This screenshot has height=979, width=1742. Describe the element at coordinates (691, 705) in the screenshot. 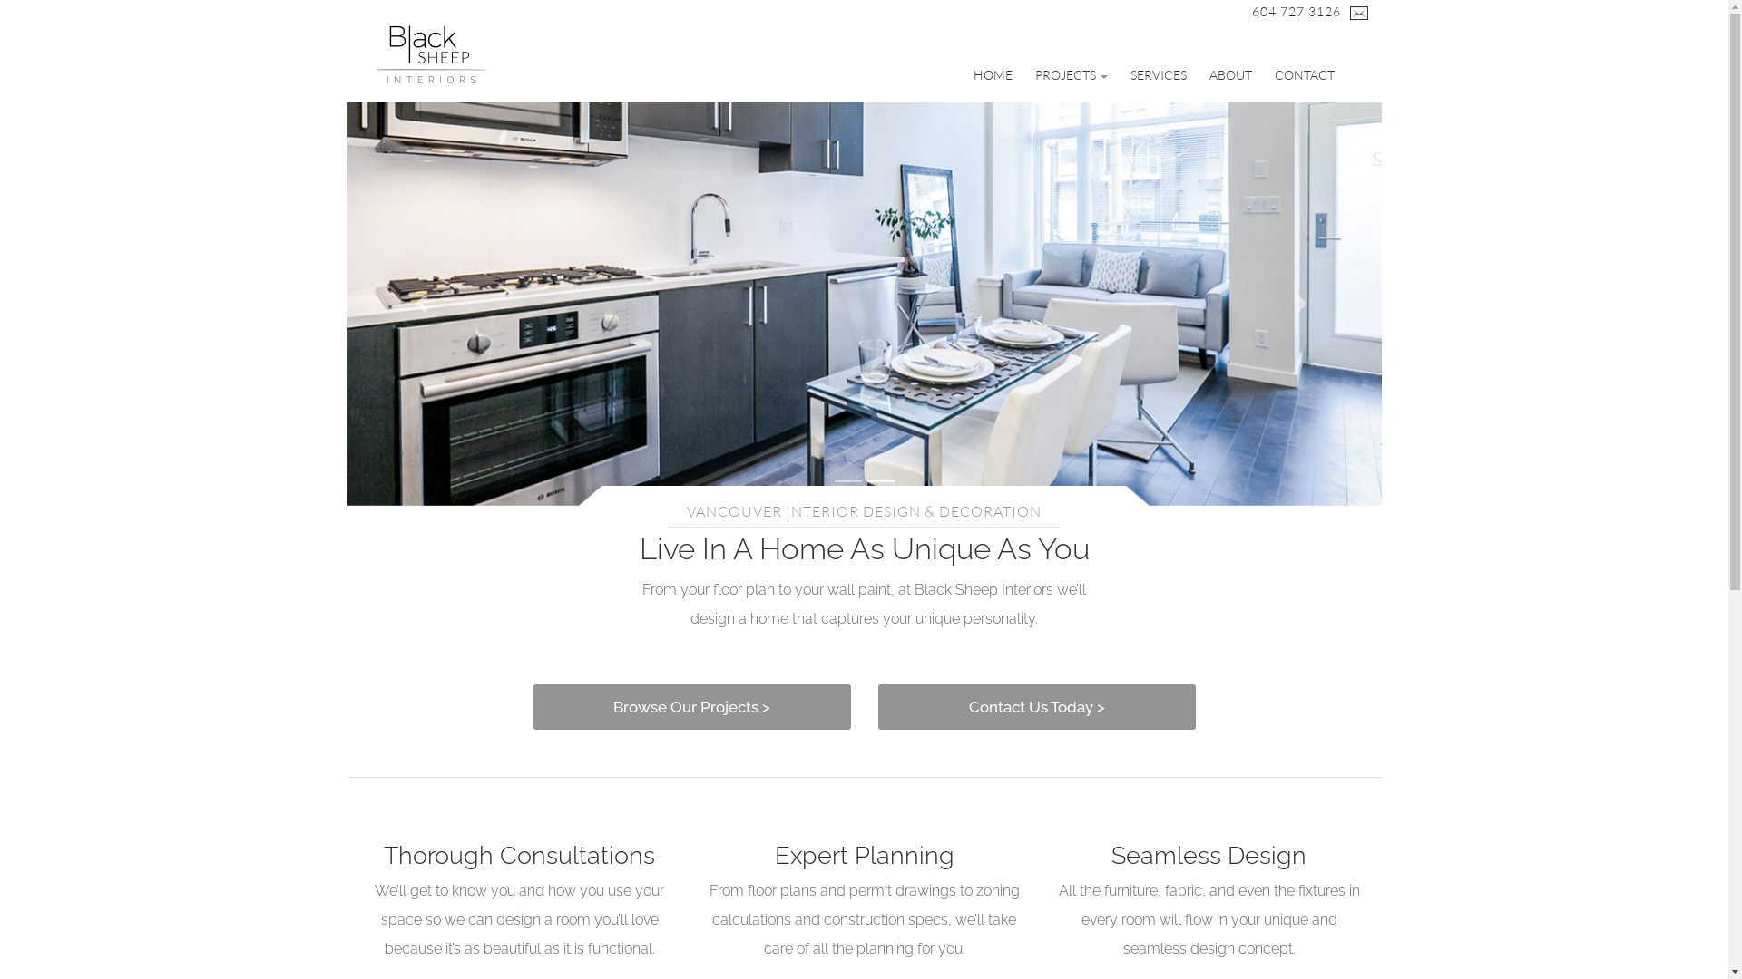

I see `'Browse Our Projects >'` at that location.